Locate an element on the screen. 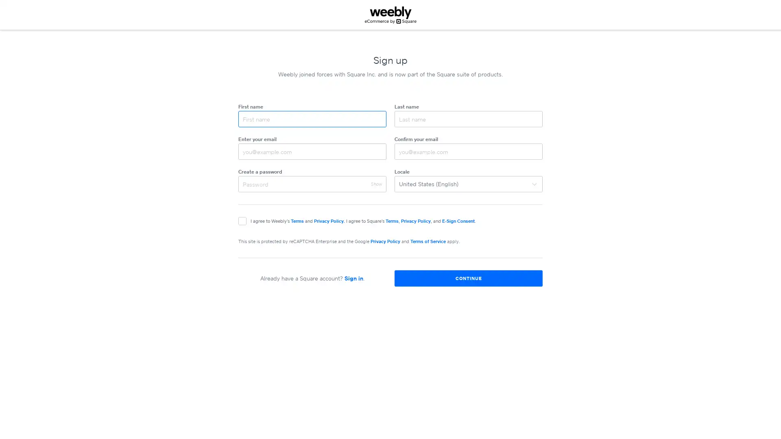 The height and width of the screenshot is (439, 781). CONTINUE is located at coordinates (469, 278).